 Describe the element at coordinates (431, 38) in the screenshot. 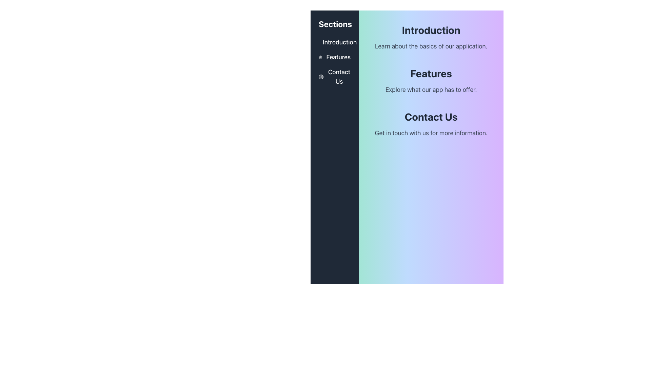

I see `the 'Introduction' header element which serves as a guide for the user, located at the top of the right column above the 'Features' and 'Contact Us' sections` at that location.